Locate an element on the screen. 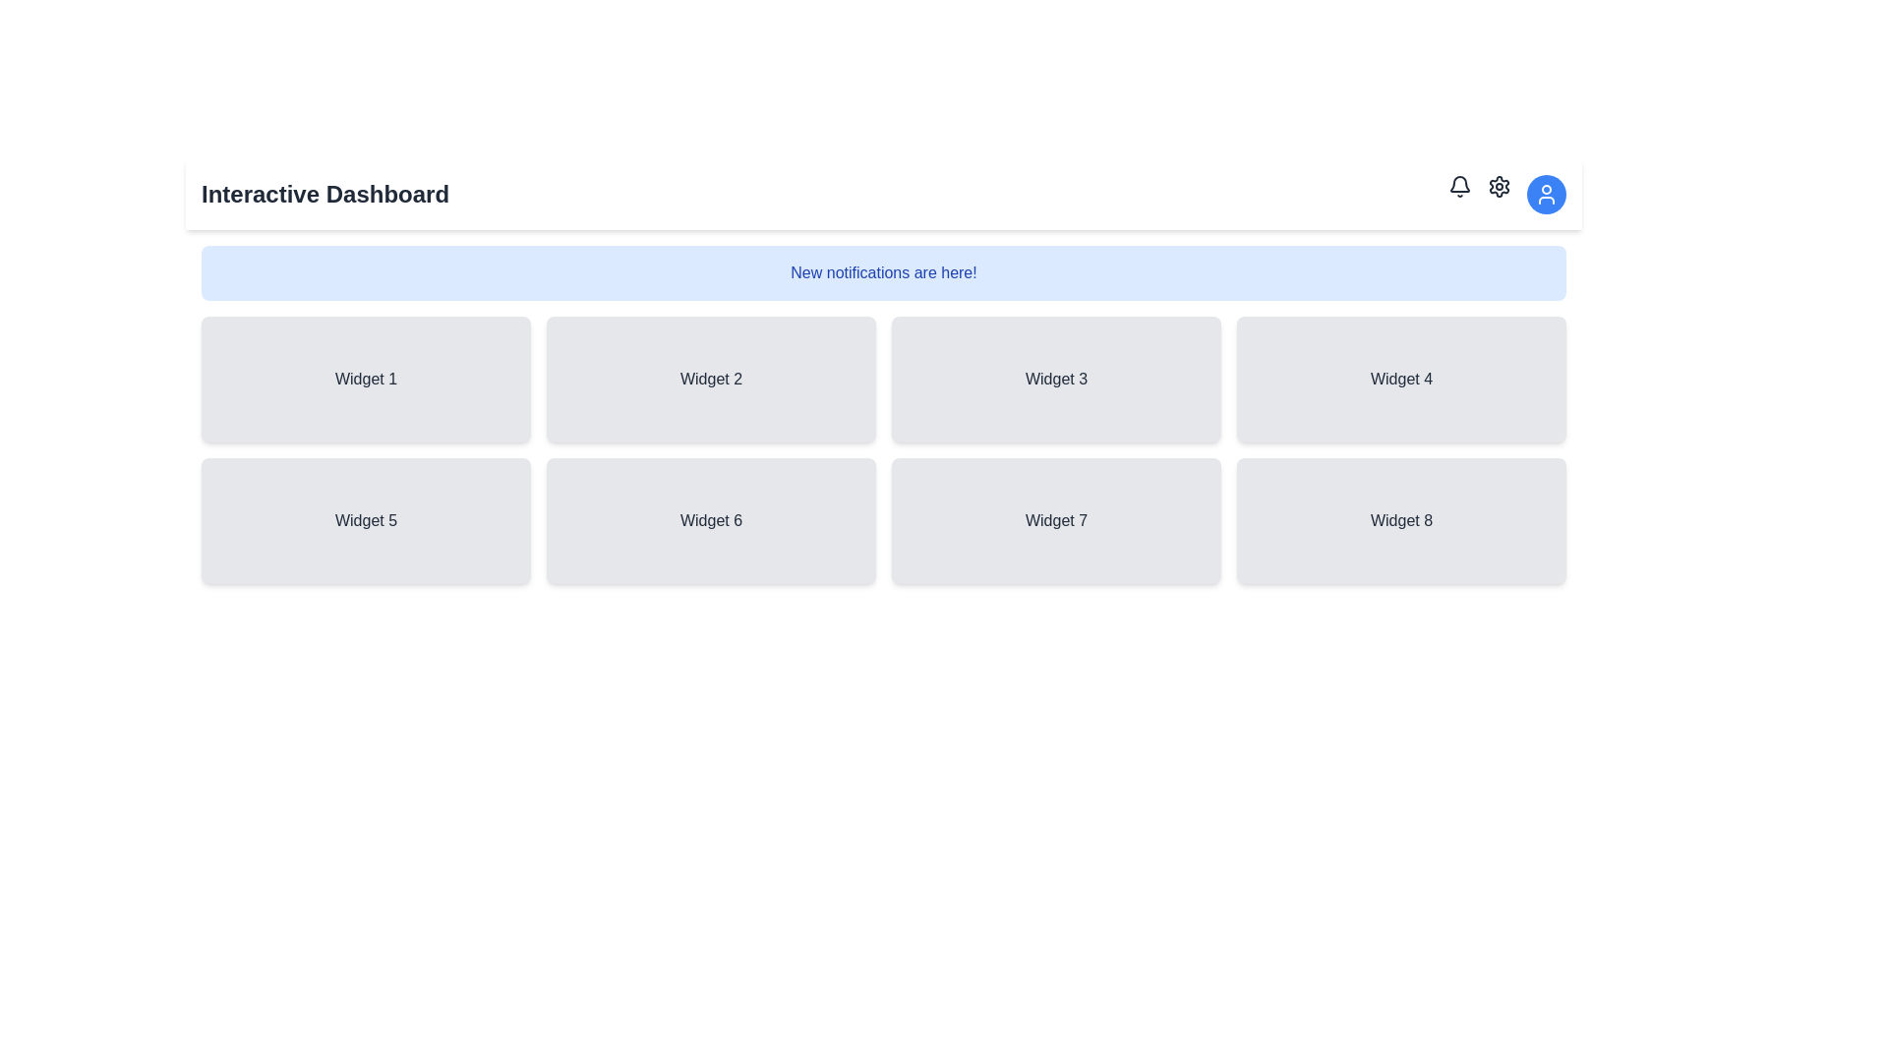 The width and height of the screenshot is (1888, 1062). the Static widget element labeled 'Widget 7', which has a light gray background and is positioned in the second row and third column of the grid is located at coordinates (1055, 519).